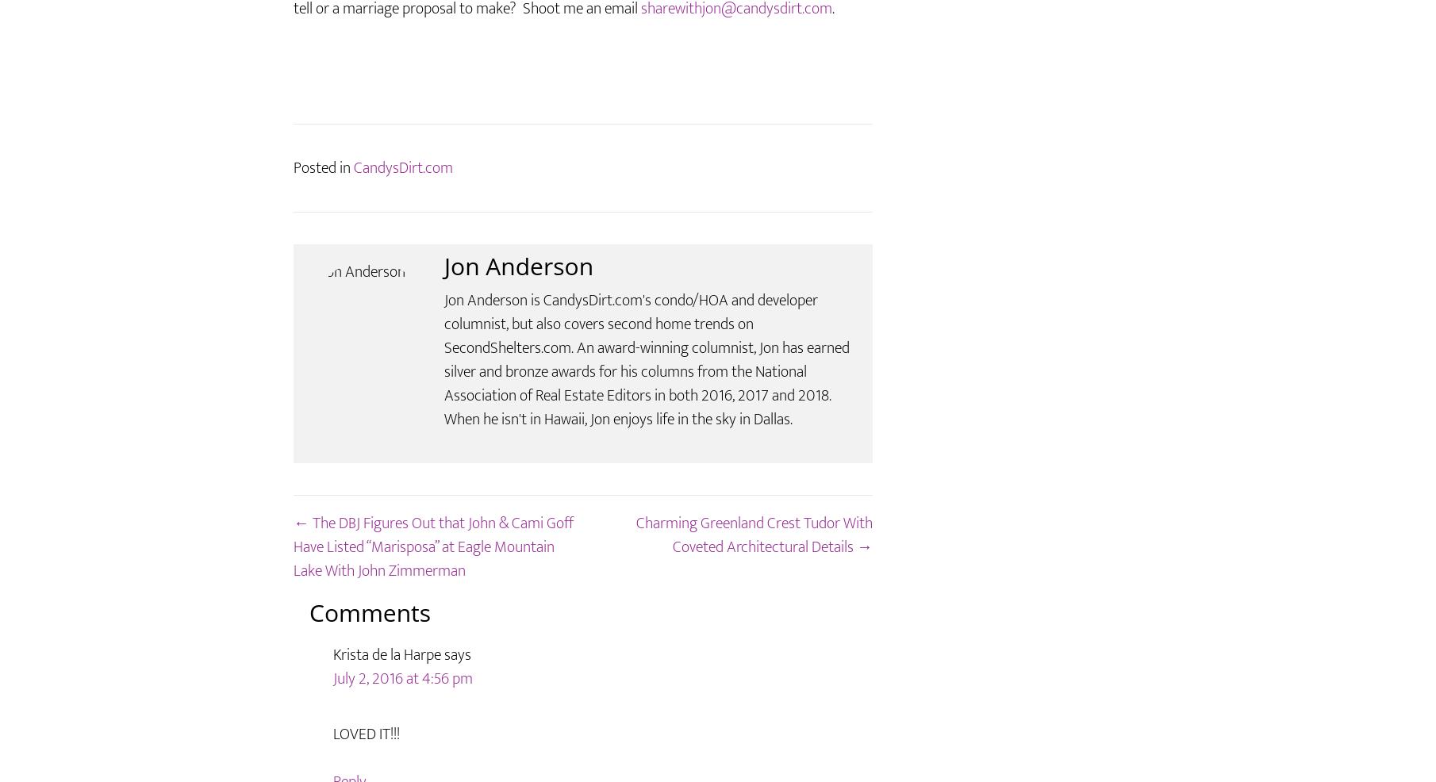  What do you see at coordinates (382, 30) in the screenshot?
I see `'Silver'` at bounding box center [382, 30].